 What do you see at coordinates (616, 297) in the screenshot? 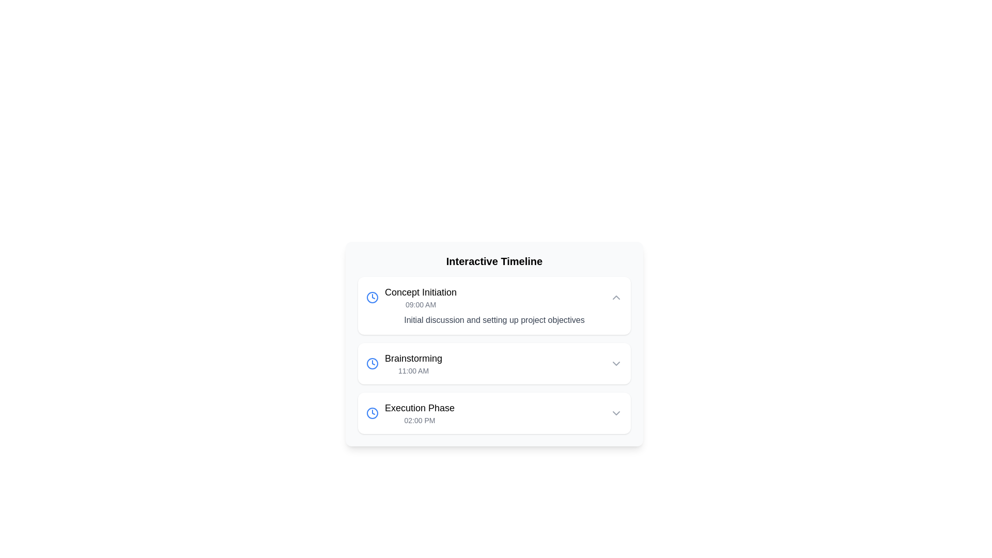
I see `the chevron button in the top right corner of the card associated with the 'Concept Initiation' timeline entry` at bounding box center [616, 297].